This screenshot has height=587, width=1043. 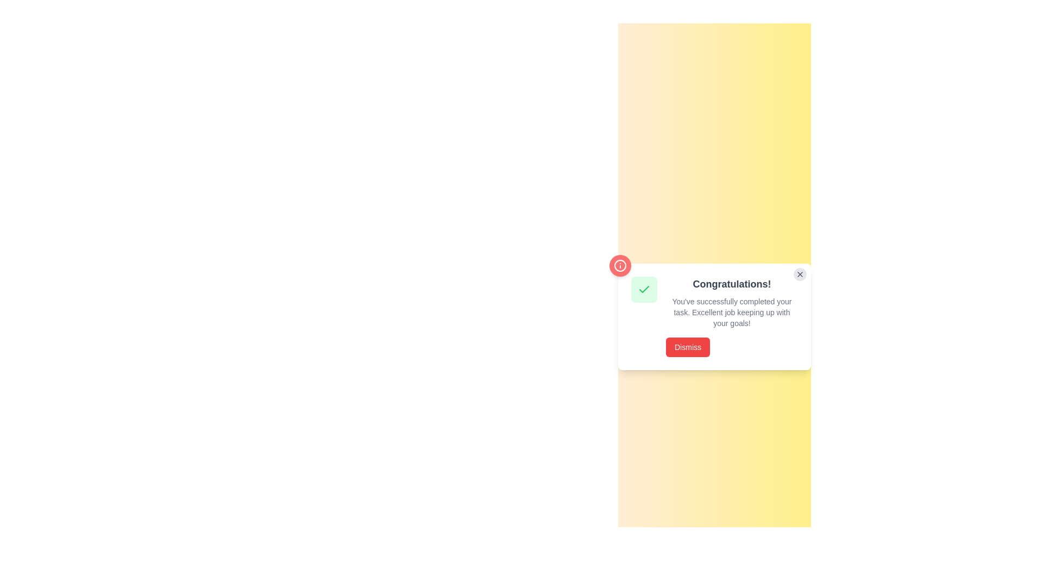 What do you see at coordinates (800, 274) in the screenshot?
I see `the close button located at the top-right corner of the congratulatory message card` at bounding box center [800, 274].